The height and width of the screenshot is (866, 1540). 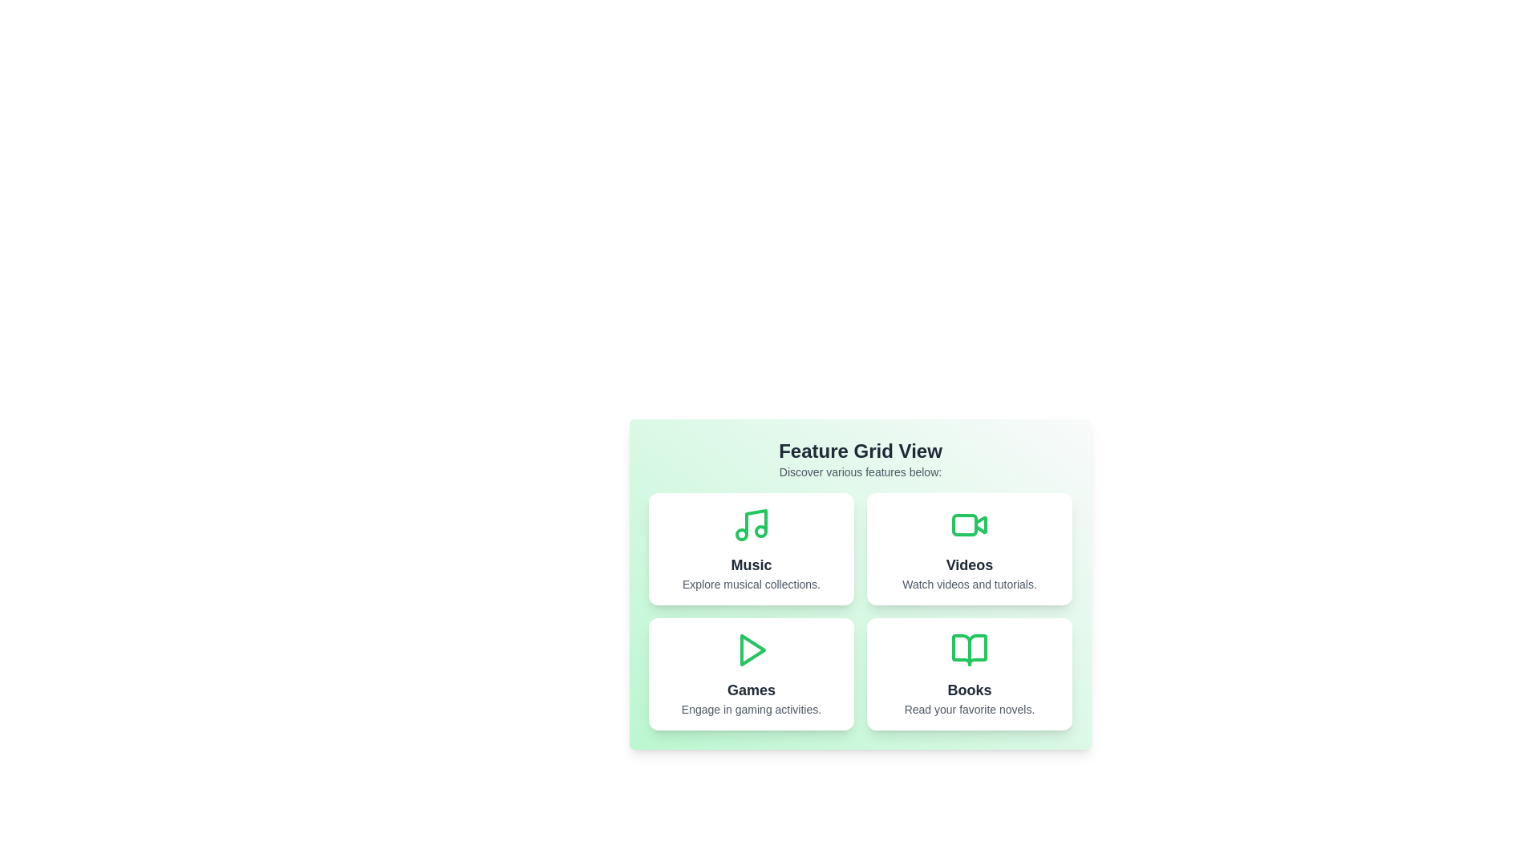 What do you see at coordinates (750, 548) in the screenshot?
I see `the Music card to observe its hover effect` at bounding box center [750, 548].